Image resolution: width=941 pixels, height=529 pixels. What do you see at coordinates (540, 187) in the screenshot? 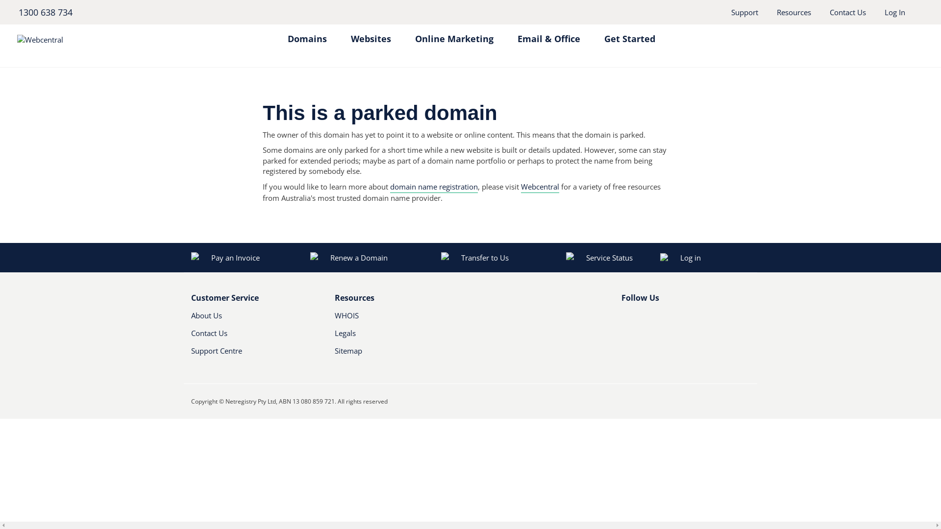
I see `'Webcentral'` at bounding box center [540, 187].